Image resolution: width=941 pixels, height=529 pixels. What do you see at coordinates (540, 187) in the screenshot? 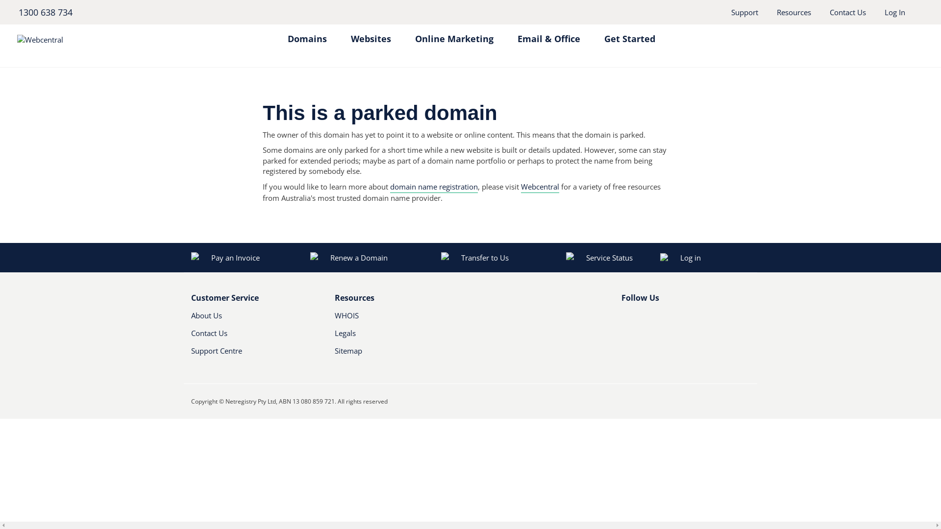
I see `'Webcentral'` at bounding box center [540, 187].